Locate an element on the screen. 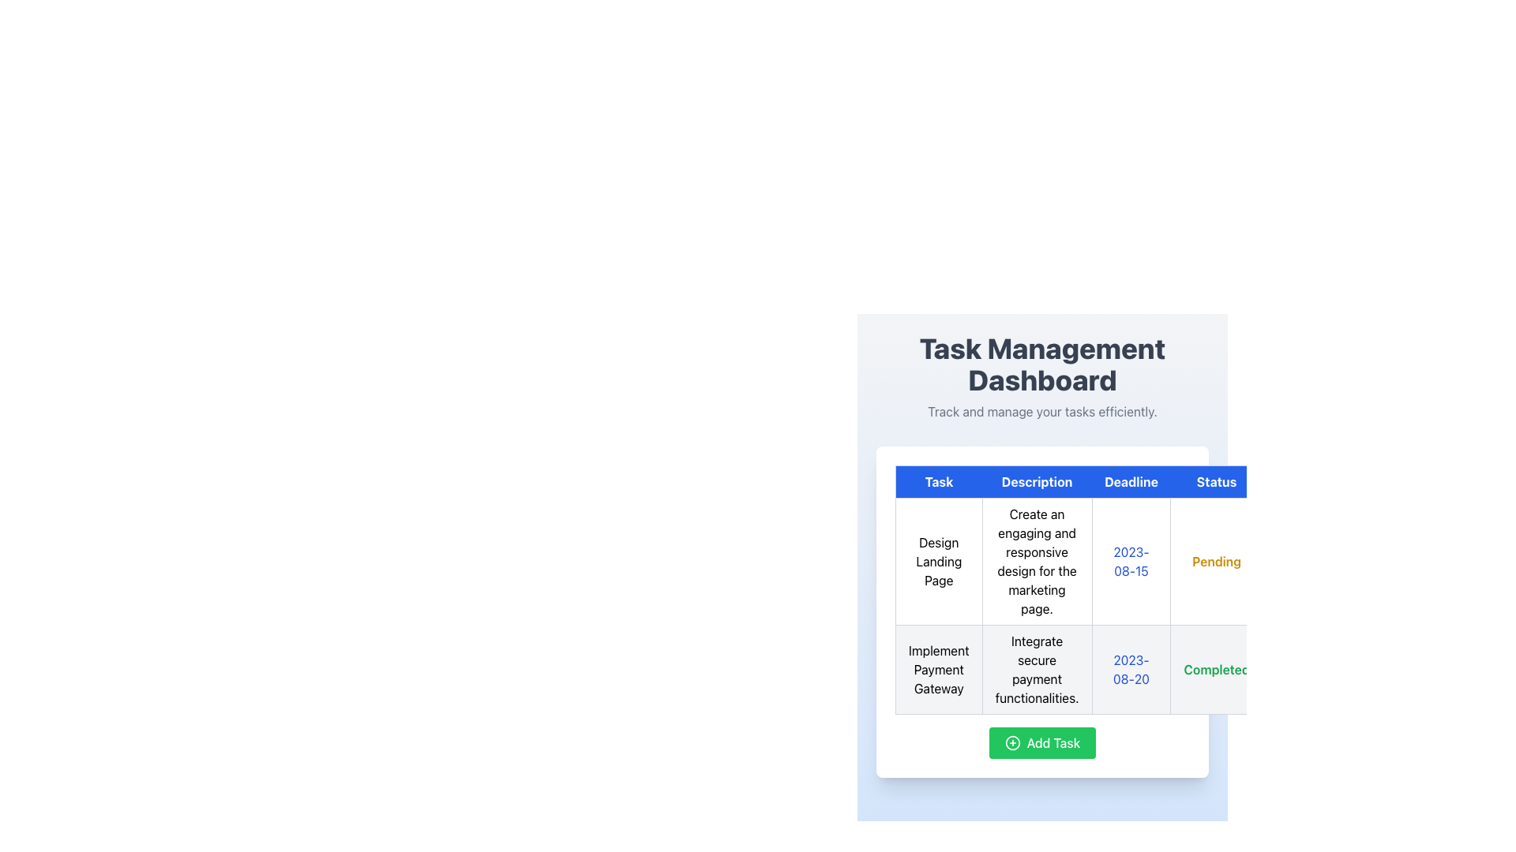  text label of the 'Deadline' column header in the table, which indicates the data content present in that column is located at coordinates (1131, 480).